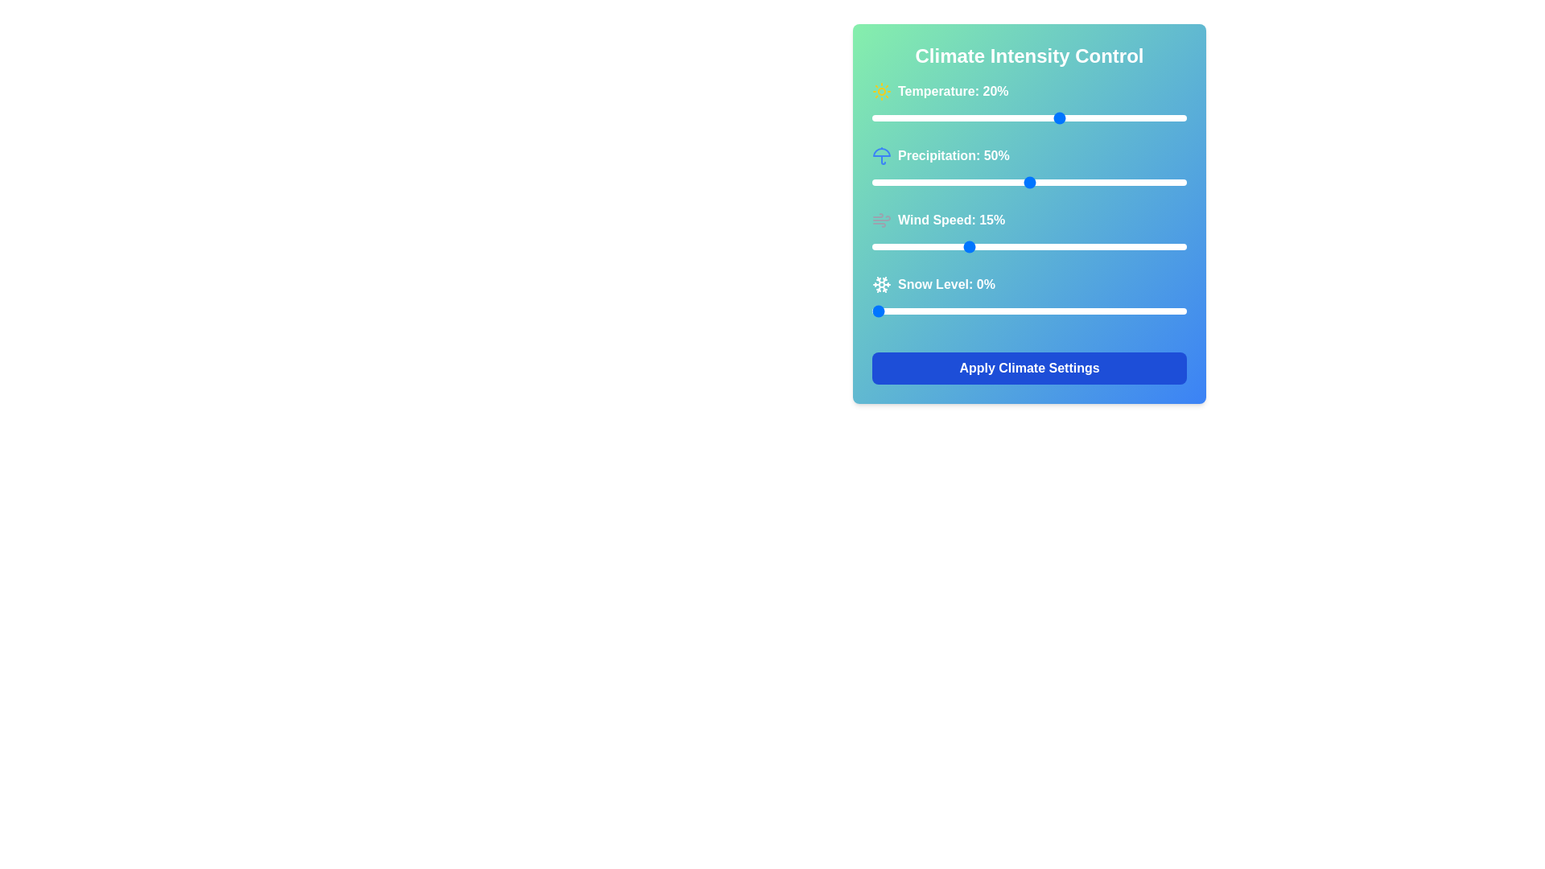 The width and height of the screenshot is (1545, 869). I want to click on the horizontal range slider with a green focus ring located beneath the text 'Temperature: 20%', so click(1028, 117).